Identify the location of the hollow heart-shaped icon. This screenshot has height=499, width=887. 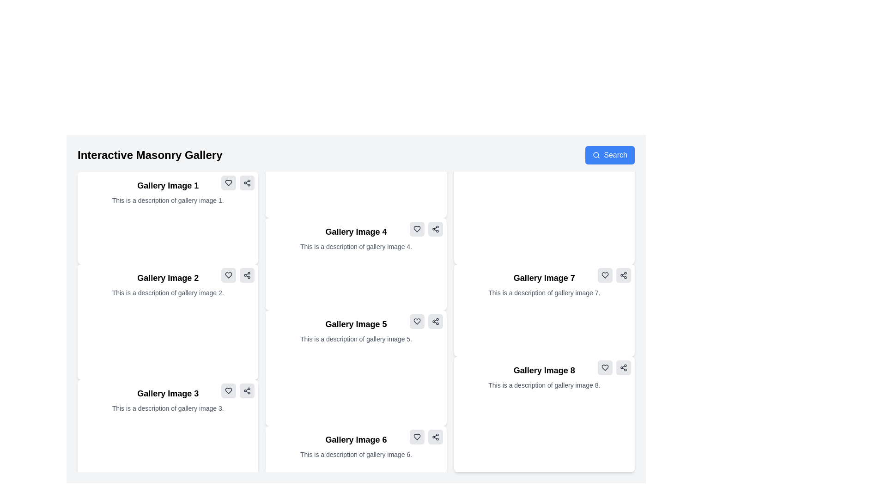
(229, 390).